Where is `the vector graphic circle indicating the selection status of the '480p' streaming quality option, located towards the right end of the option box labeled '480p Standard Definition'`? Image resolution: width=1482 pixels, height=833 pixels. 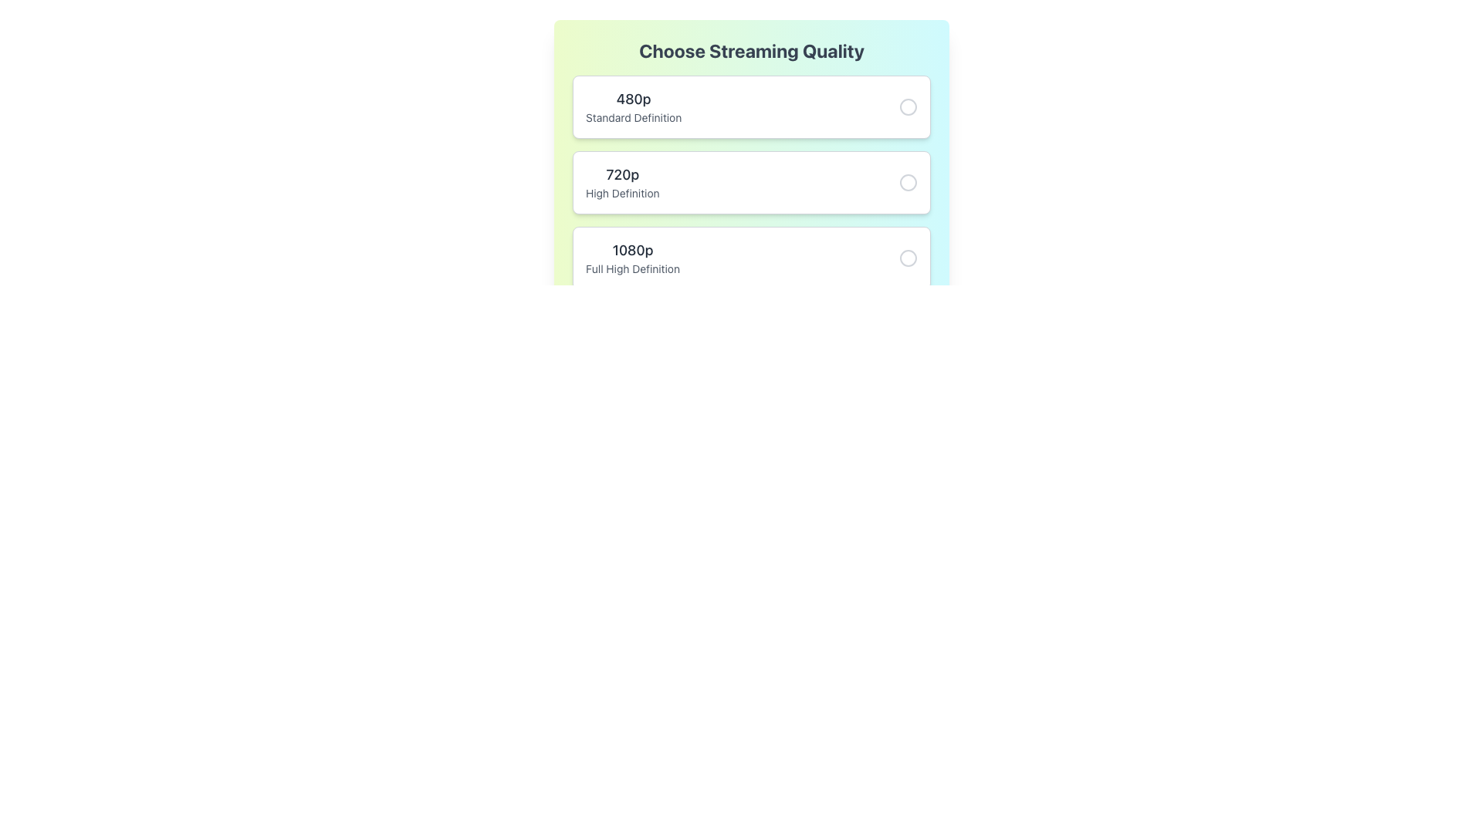
the vector graphic circle indicating the selection status of the '480p' streaming quality option, located towards the right end of the option box labeled '480p Standard Definition' is located at coordinates (908, 106).